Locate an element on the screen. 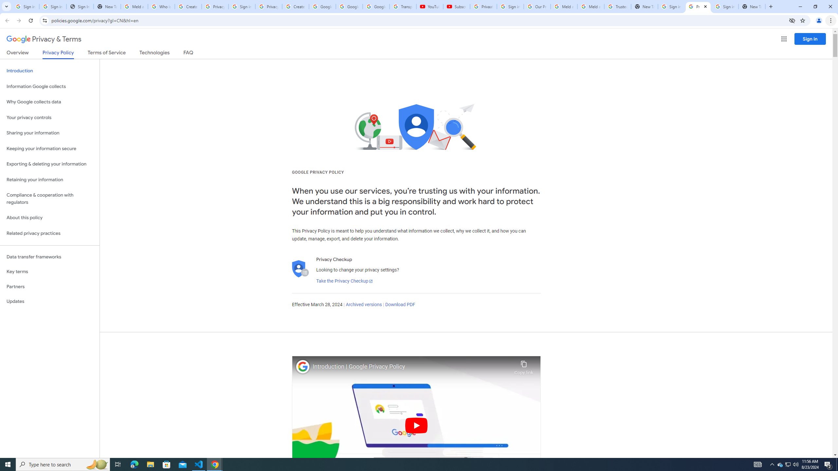 Image resolution: width=838 pixels, height=471 pixels. 'Archived versions' is located at coordinates (363, 304).